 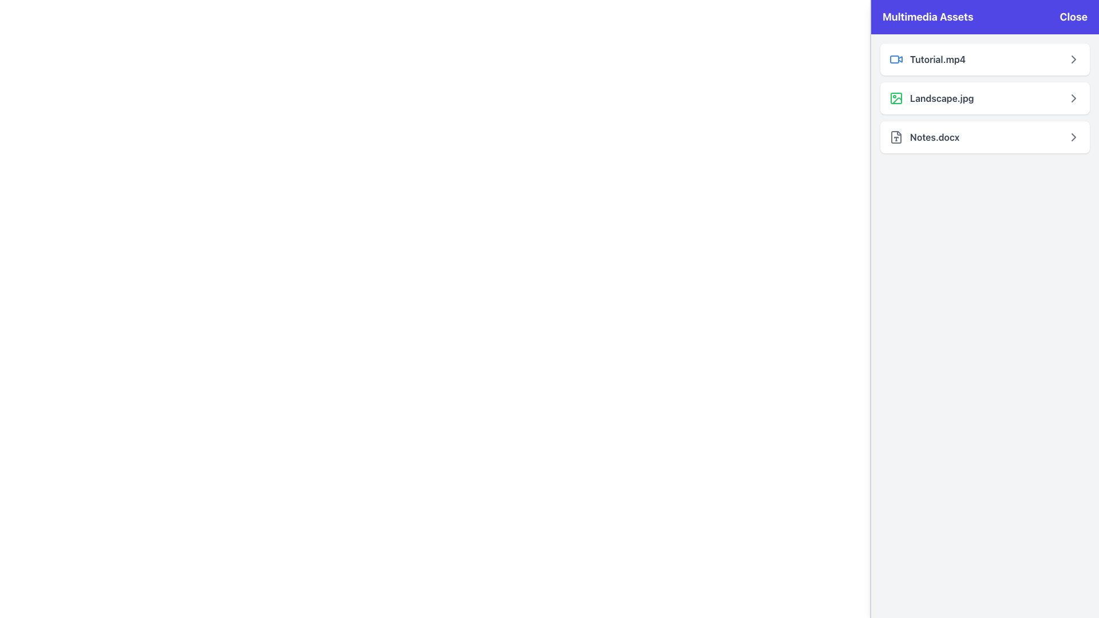 I want to click on the right-pointing chevron icon located at the end of the 'Landscape.jpg' list item, so click(x=1073, y=60).